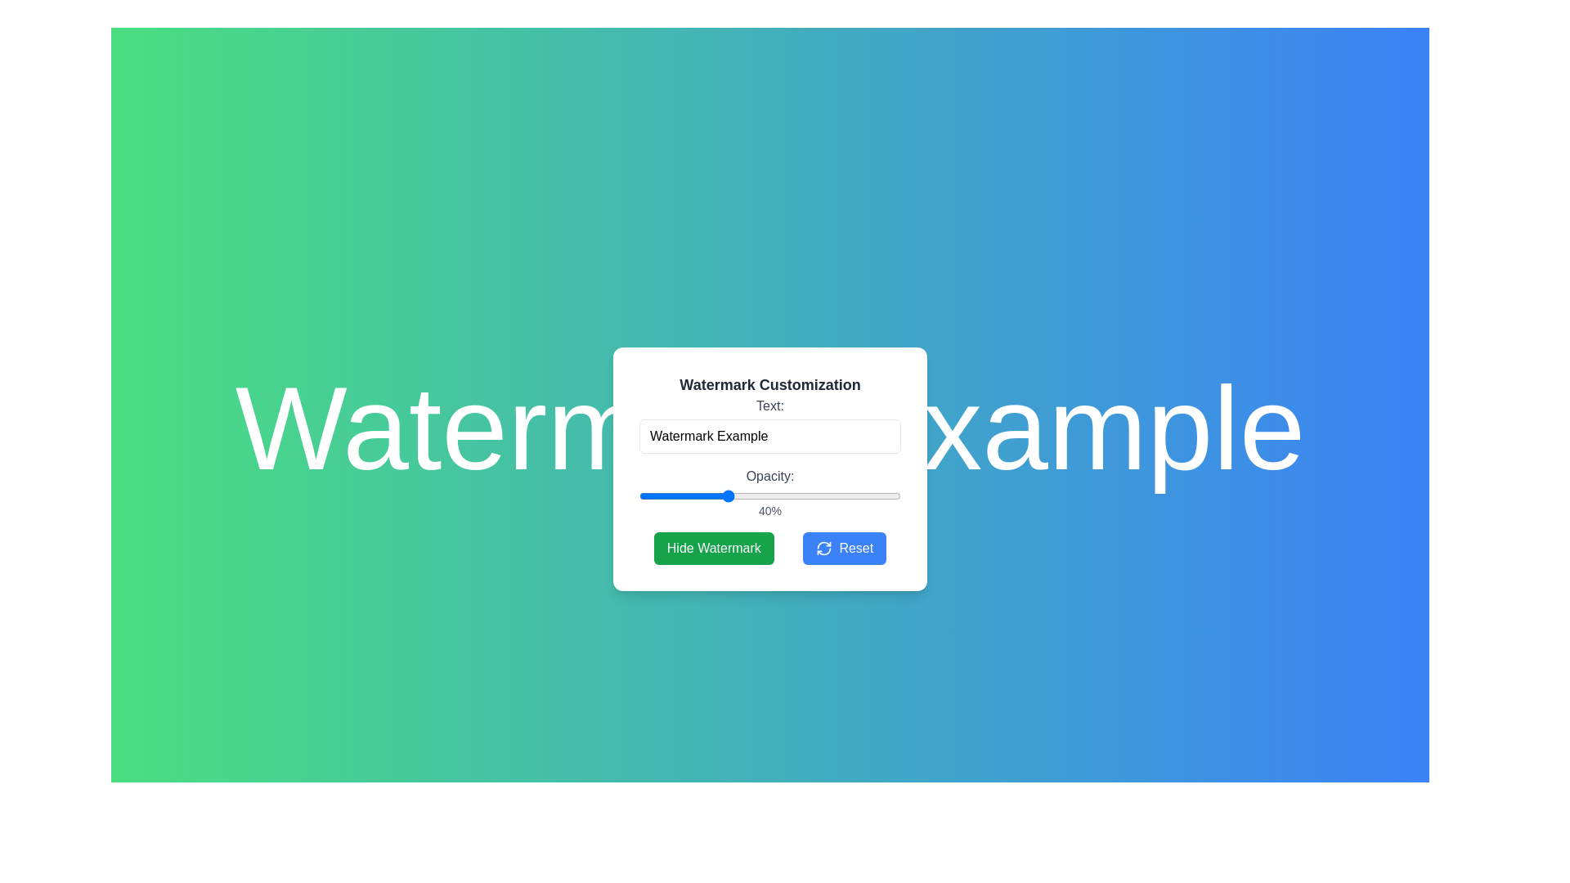  Describe the element at coordinates (775, 495) in the screenshot. I see `opacity` at that location.